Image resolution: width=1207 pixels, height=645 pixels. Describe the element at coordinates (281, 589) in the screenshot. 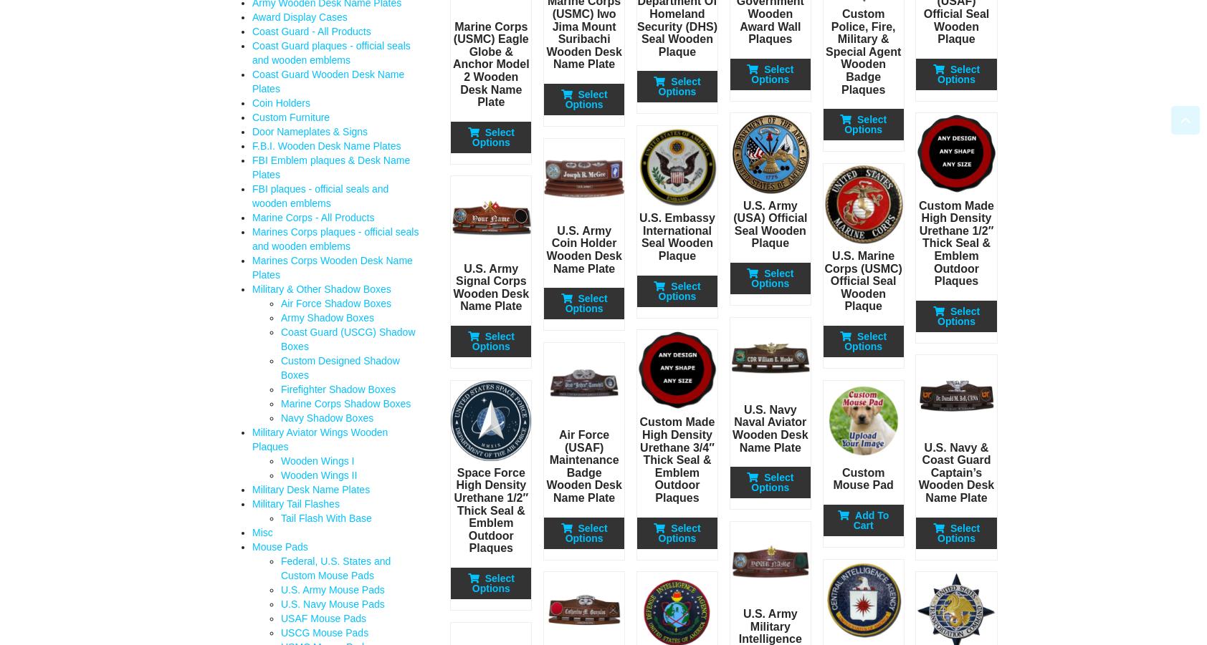

I see `'U.S. Army Mouse Pads'` at that location.